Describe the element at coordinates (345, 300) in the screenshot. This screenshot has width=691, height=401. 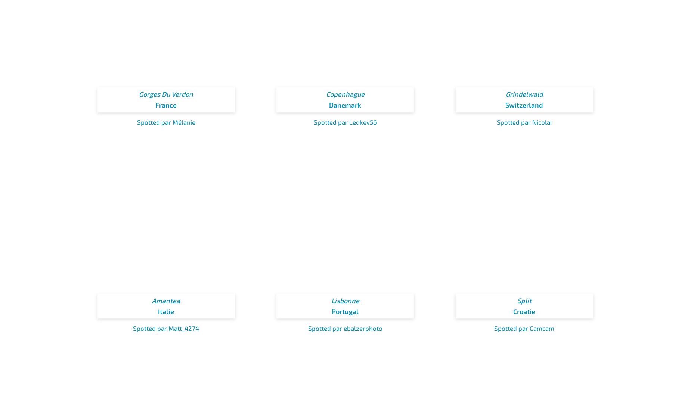
I see `'Lisbonne'` at that location.